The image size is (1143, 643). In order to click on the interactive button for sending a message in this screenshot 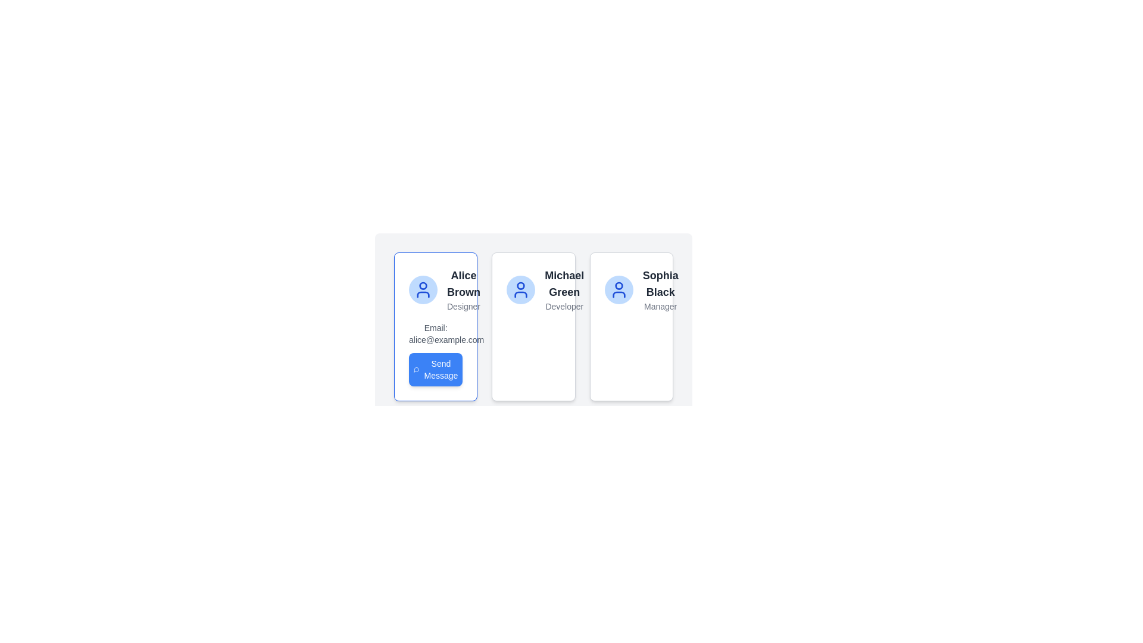, I will do `click(435, 353)`.